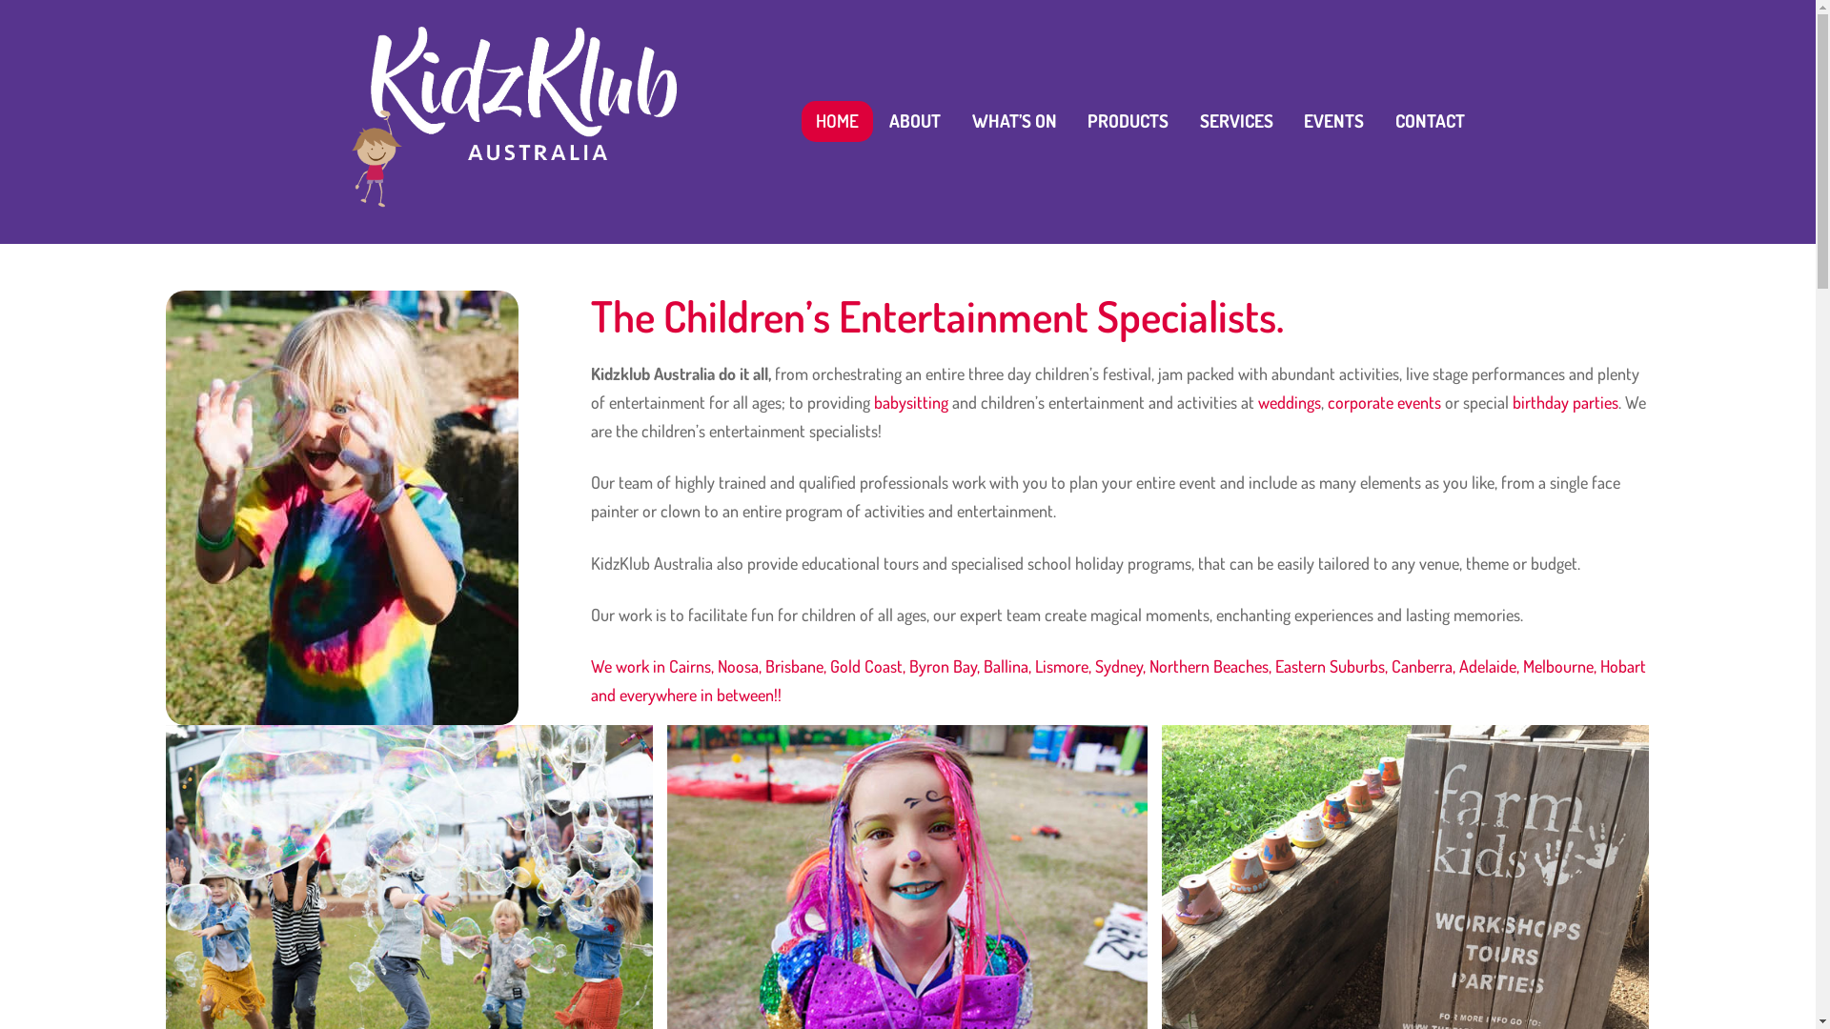  Describe the element at coordinates (1235, 121) in the screenshot. I see `'SERVICES'` at that location.